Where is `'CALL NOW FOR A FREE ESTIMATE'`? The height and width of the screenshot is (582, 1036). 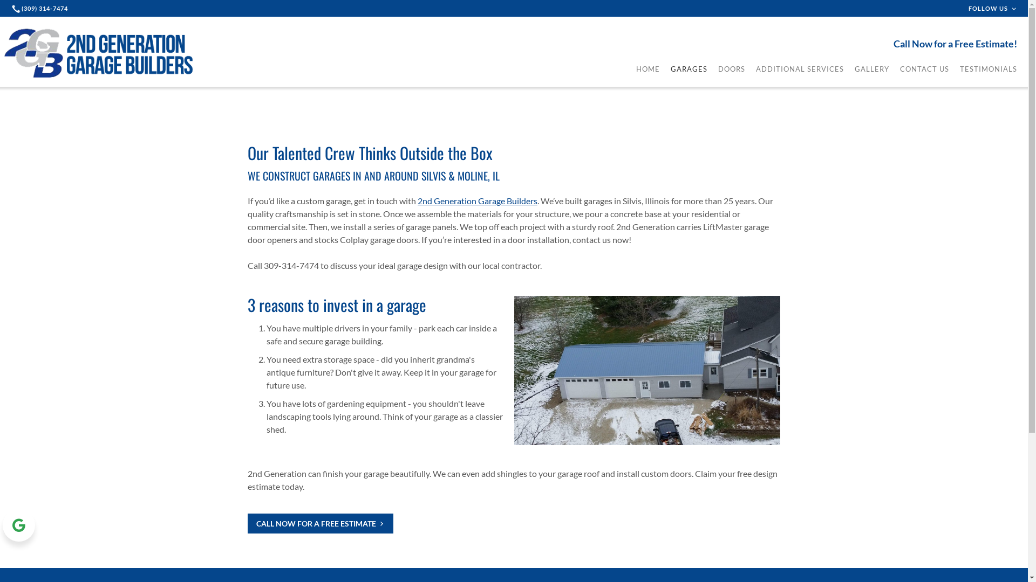 'CALL NOW FOR A FREE ESTIMATE' is located at coordinates (320, 522).